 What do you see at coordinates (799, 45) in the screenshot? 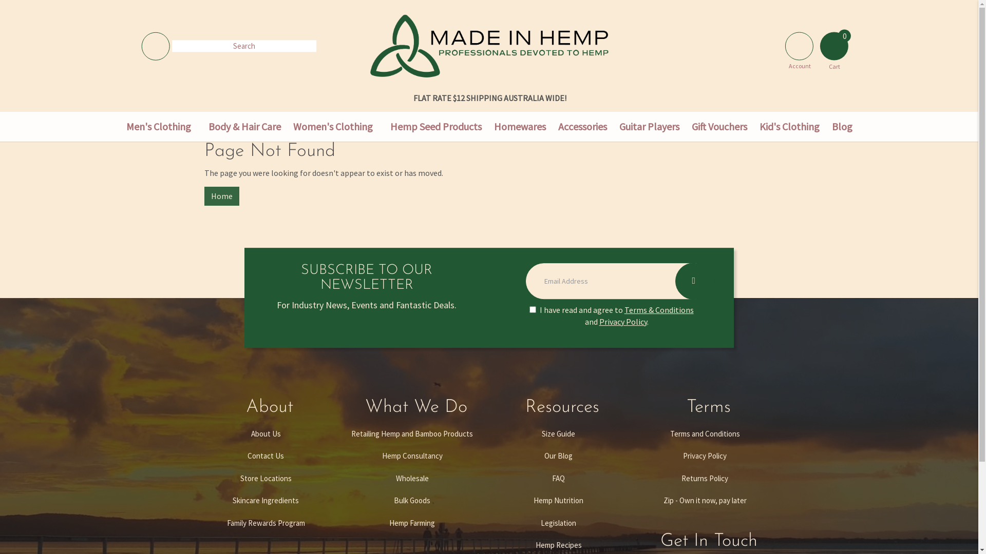
I see `'Account'` at bounding box center [799, 45].